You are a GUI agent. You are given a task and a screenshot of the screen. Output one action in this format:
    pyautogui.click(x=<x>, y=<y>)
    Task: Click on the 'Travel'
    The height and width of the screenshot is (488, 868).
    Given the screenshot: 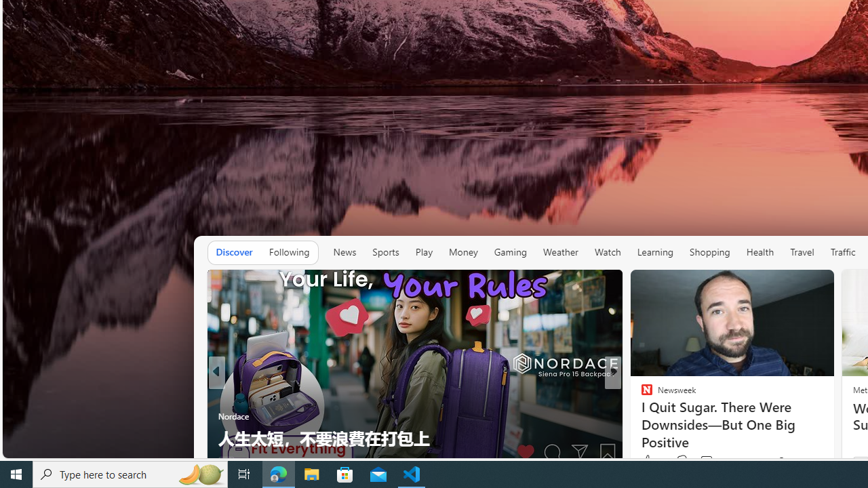 What is the action you would take?
    pyautogui.click(x=802, y=252)
    